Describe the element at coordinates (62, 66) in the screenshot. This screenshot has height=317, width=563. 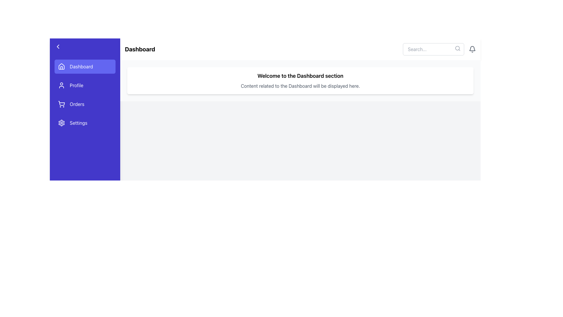
I see `the leftmost icon of the 'Dashboard' menu item in the vertical navigation menu` at that location.